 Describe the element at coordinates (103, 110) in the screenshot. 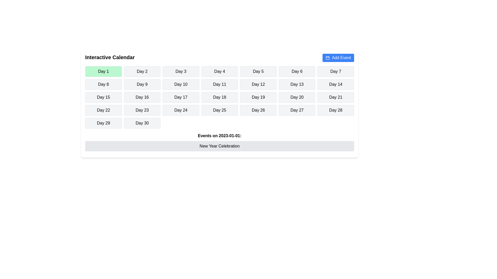

I see `the button representing the 22nd day` at that location.